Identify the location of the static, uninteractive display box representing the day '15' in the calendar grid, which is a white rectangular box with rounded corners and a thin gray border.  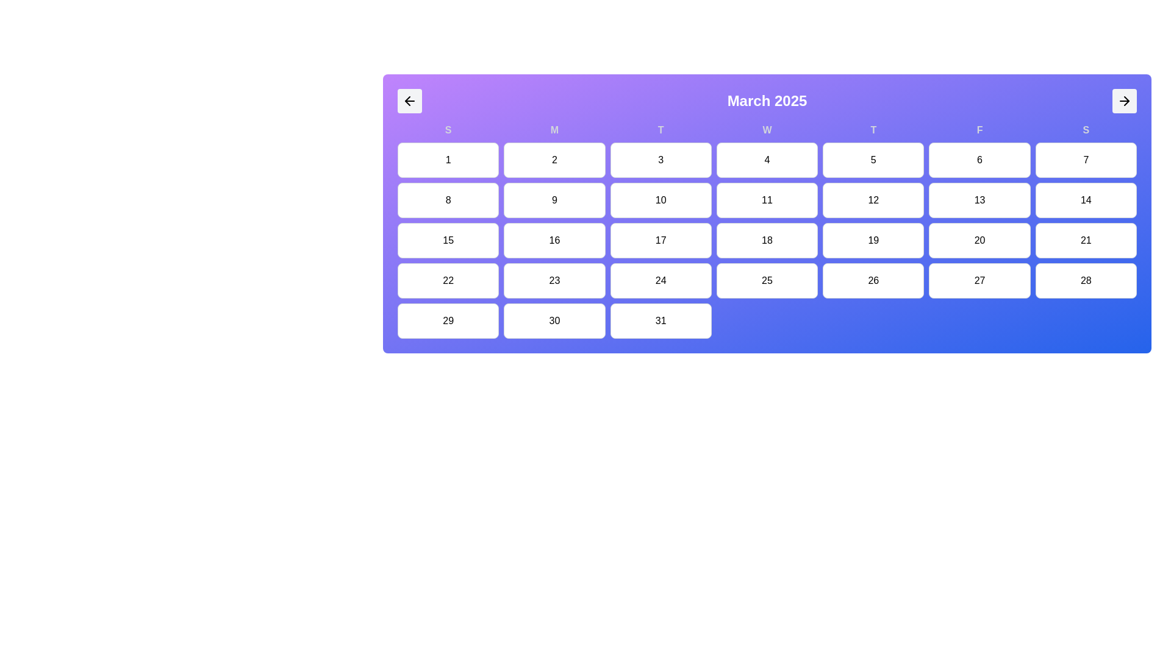
(448, 240).